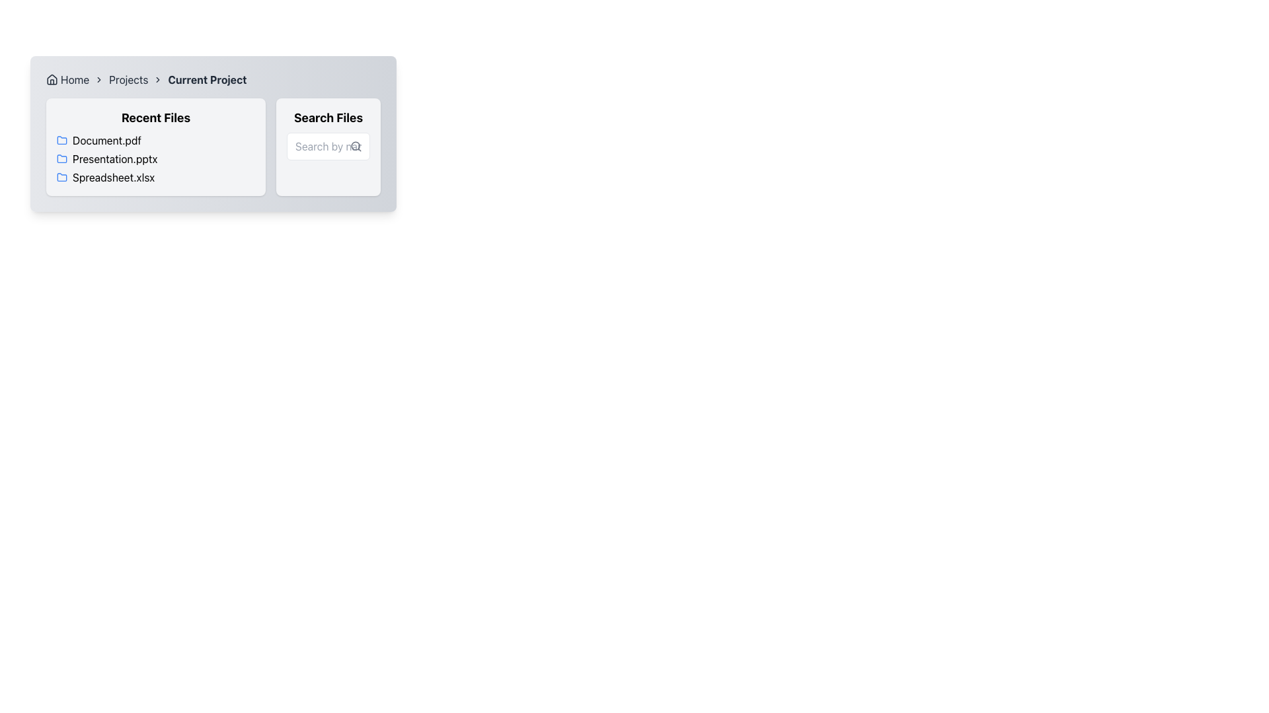 The height and width of the screenshot is (713, 1269). What do you see at coordinates (61, 177) in the screenshot?
I see `the blue folder icon representing files, which is located next to the label 'Spreadsheet.xlsx' in the 'Recent Files' section` at bounding box center [61, 177].